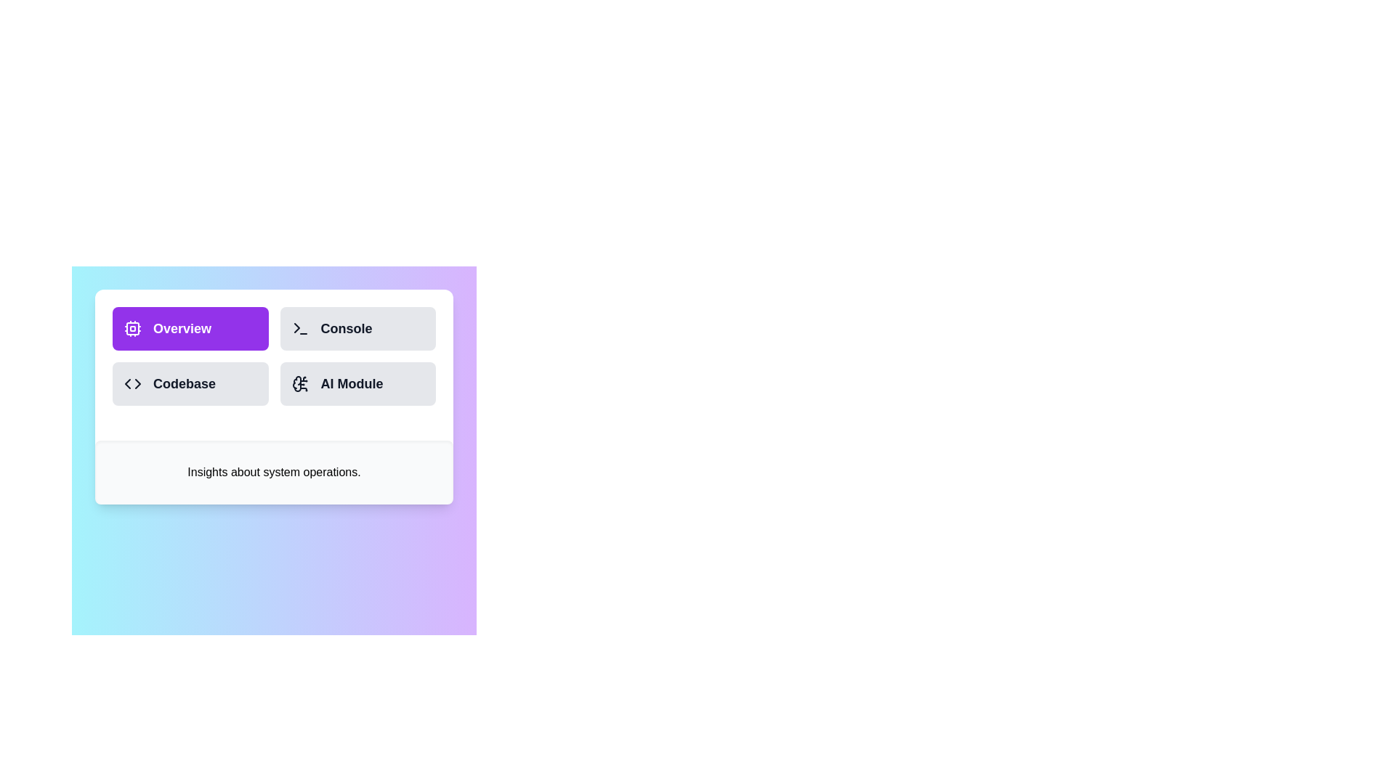 This screenshot has height=784, width=1395. Describe the element at coordinates (190, 328) in the screenshot. I see `the Overview menu button to observe its transition animation` at that location.